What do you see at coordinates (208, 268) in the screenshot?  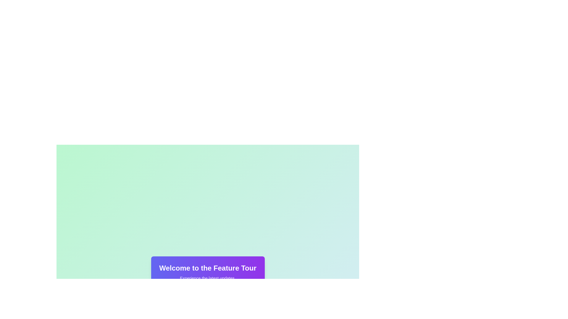 I see `the first static text label, which is displayed in bold and large white font on a dual-tone purple gradient background, positioned above another text element that reads 'Experience the latest updates.'` at bounding box center [208, 268].